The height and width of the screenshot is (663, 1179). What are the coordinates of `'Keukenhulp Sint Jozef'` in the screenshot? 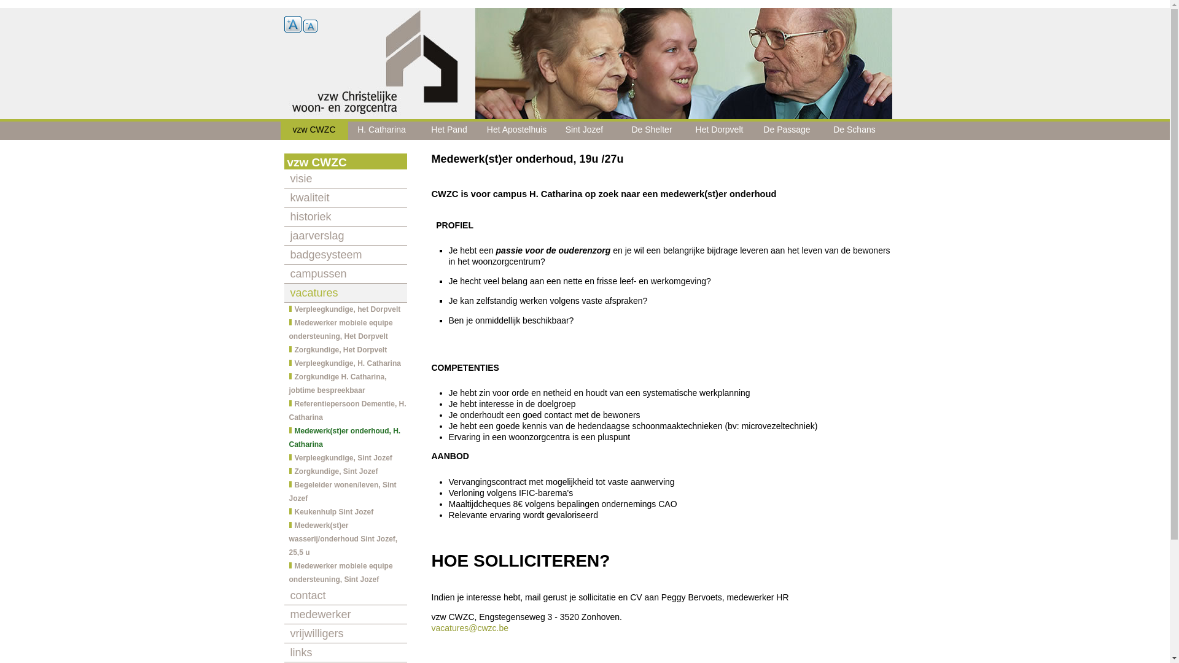 It's located at (344, 511).